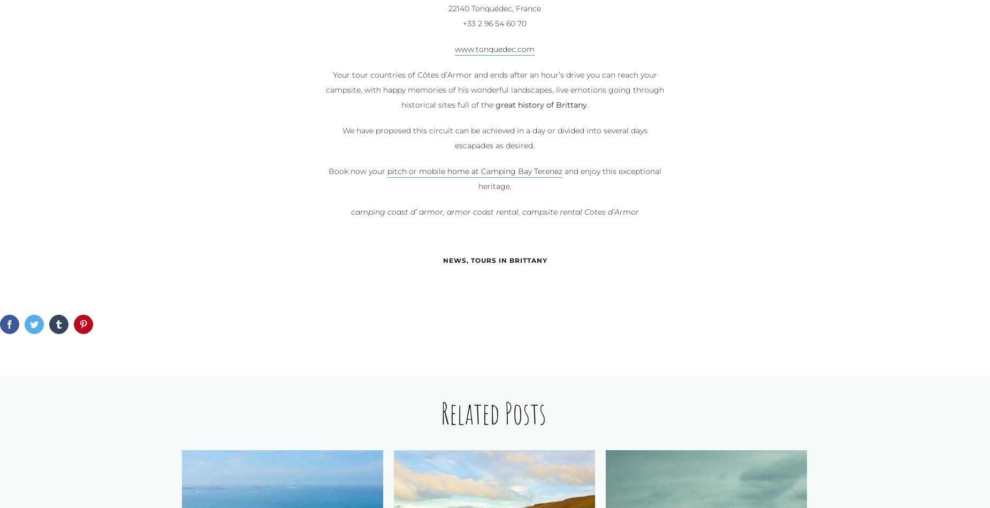 This screenshot has width=990, height=508. What do you see at coordinates (540, 105) in the screenshot?
I see `'great history of Brittany'` at bounding box center [540, 105].